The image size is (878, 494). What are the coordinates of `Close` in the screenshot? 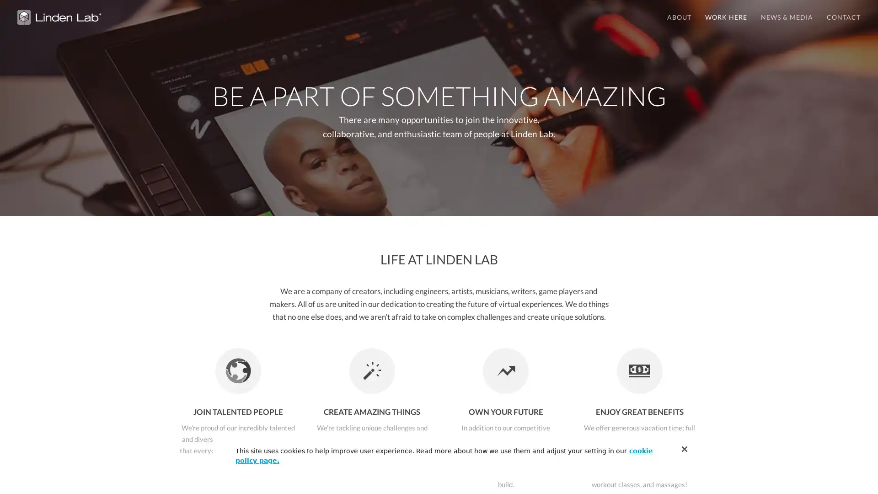 It's located at (685, 449).